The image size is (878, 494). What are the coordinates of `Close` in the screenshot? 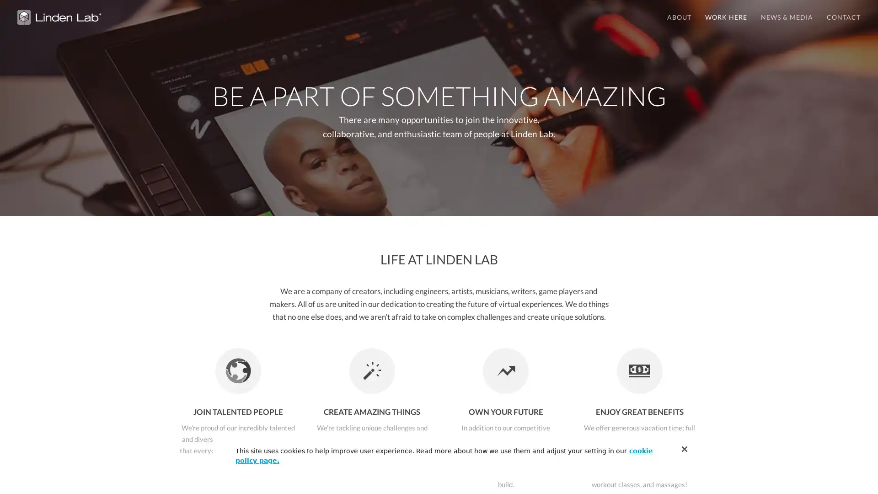 It's located at (685, 449).